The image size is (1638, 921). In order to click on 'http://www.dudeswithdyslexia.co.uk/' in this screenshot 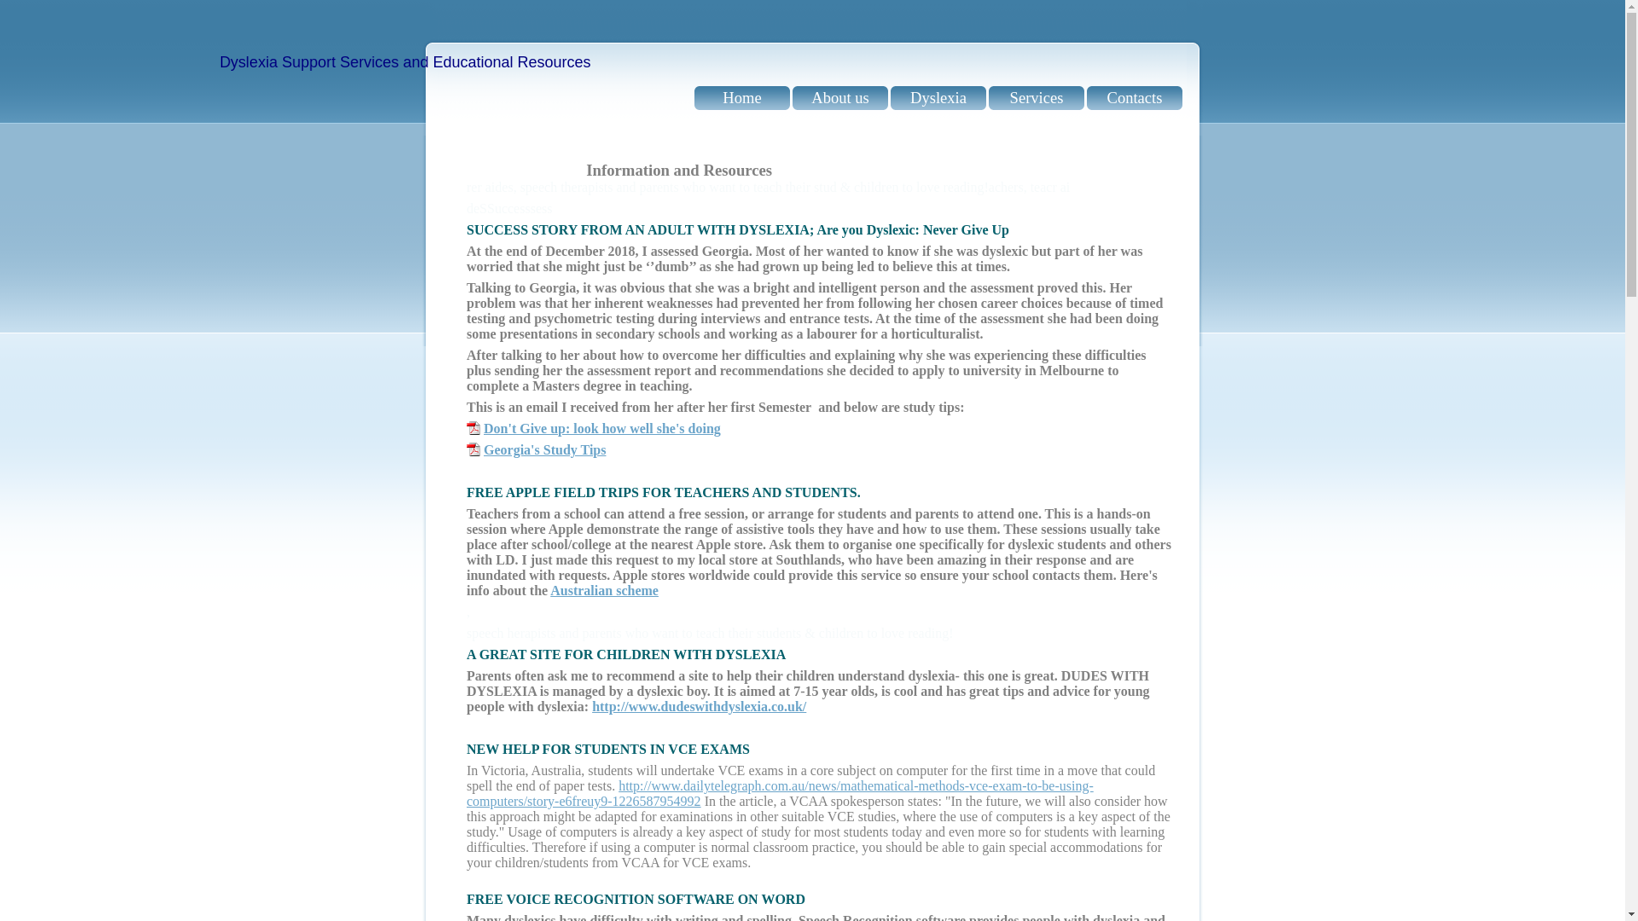, I will do `click(592, 706)`.